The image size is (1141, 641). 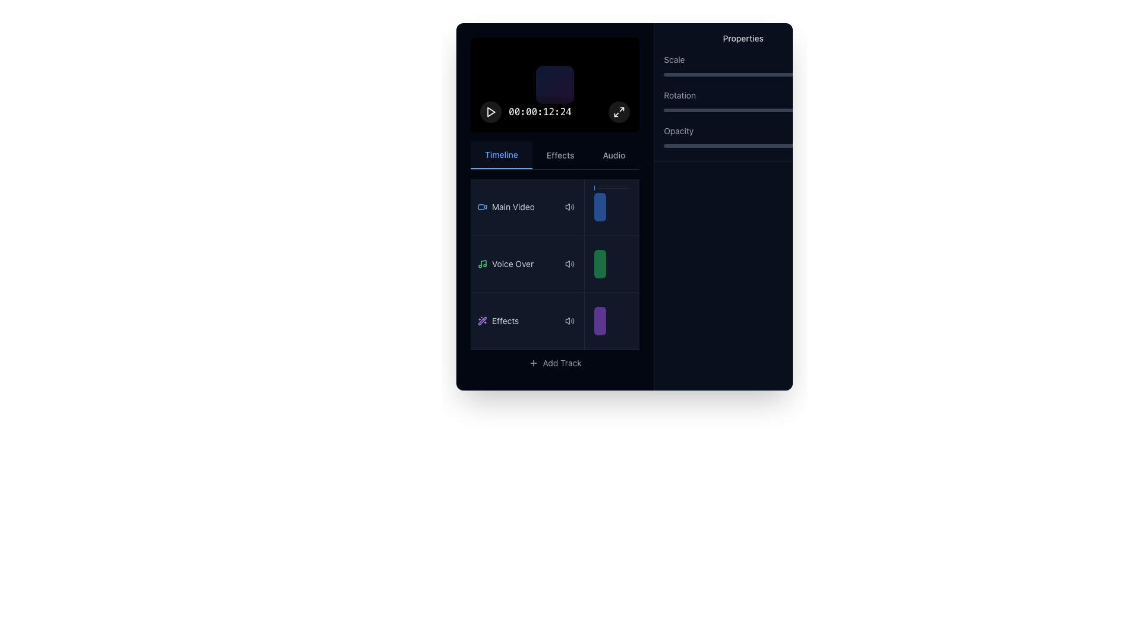 I want to click on the second row in the timeline interface, which represents a track for a voice-over audio component, so click(x=554, y=264).